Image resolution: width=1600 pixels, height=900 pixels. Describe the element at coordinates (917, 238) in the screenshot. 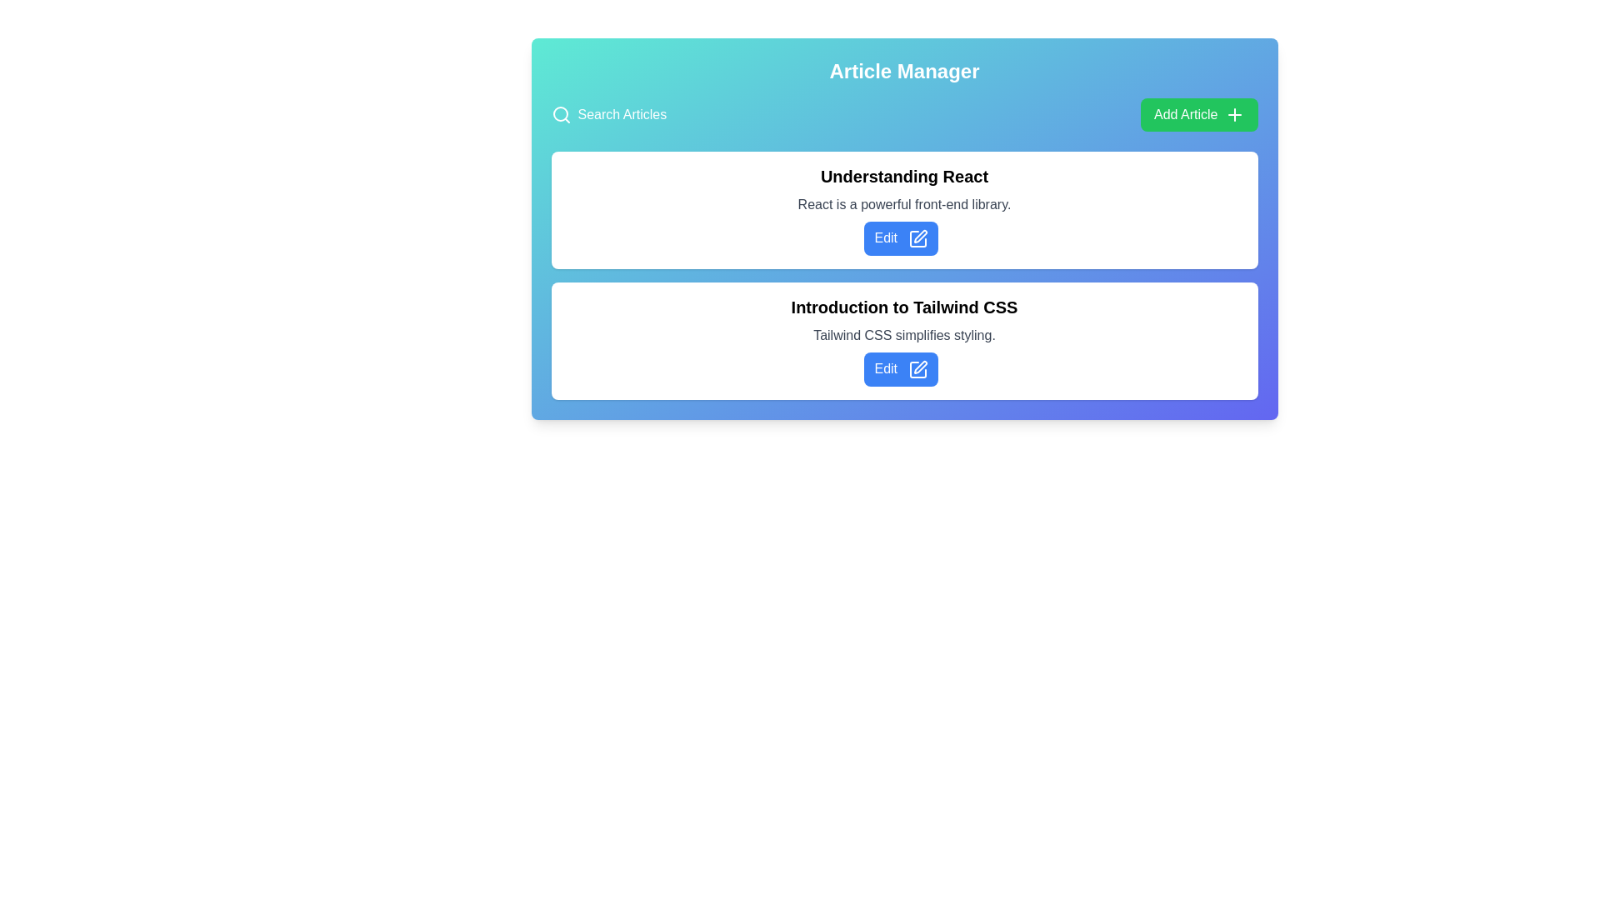

I see `the pen icon located to the immediate right of the blue 'Edit' button in the second article summary card below the 'Understanding React' card` at that location.